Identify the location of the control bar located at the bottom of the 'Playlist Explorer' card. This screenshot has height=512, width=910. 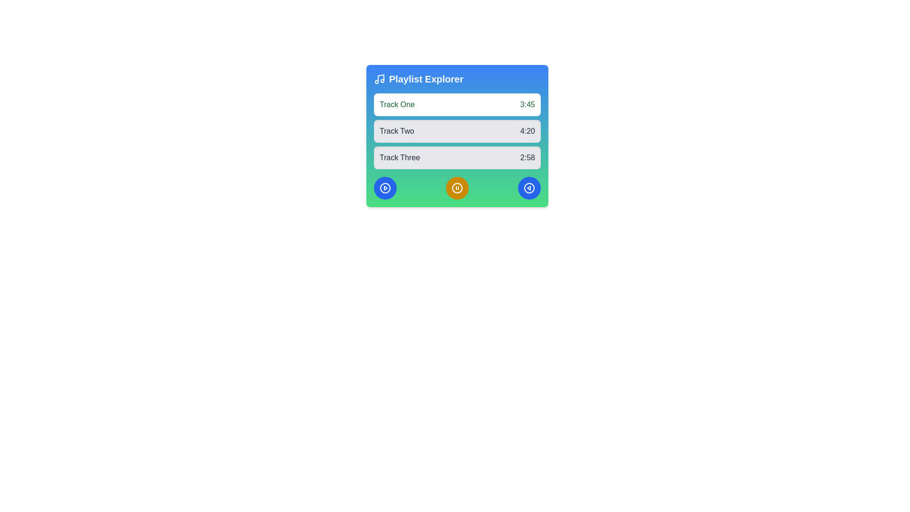
(457, 188).